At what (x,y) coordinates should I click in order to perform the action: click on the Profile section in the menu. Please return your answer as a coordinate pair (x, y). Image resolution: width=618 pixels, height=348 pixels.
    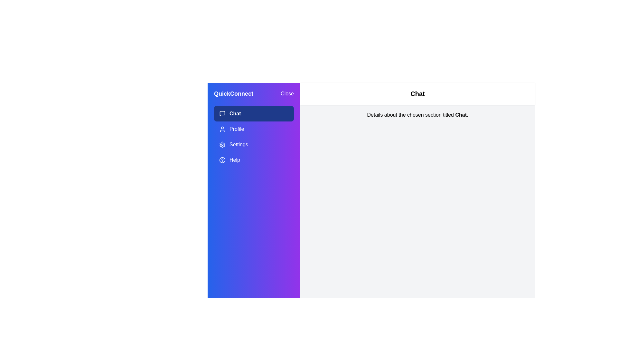
    Looking at the image, I should click on (253, 129).